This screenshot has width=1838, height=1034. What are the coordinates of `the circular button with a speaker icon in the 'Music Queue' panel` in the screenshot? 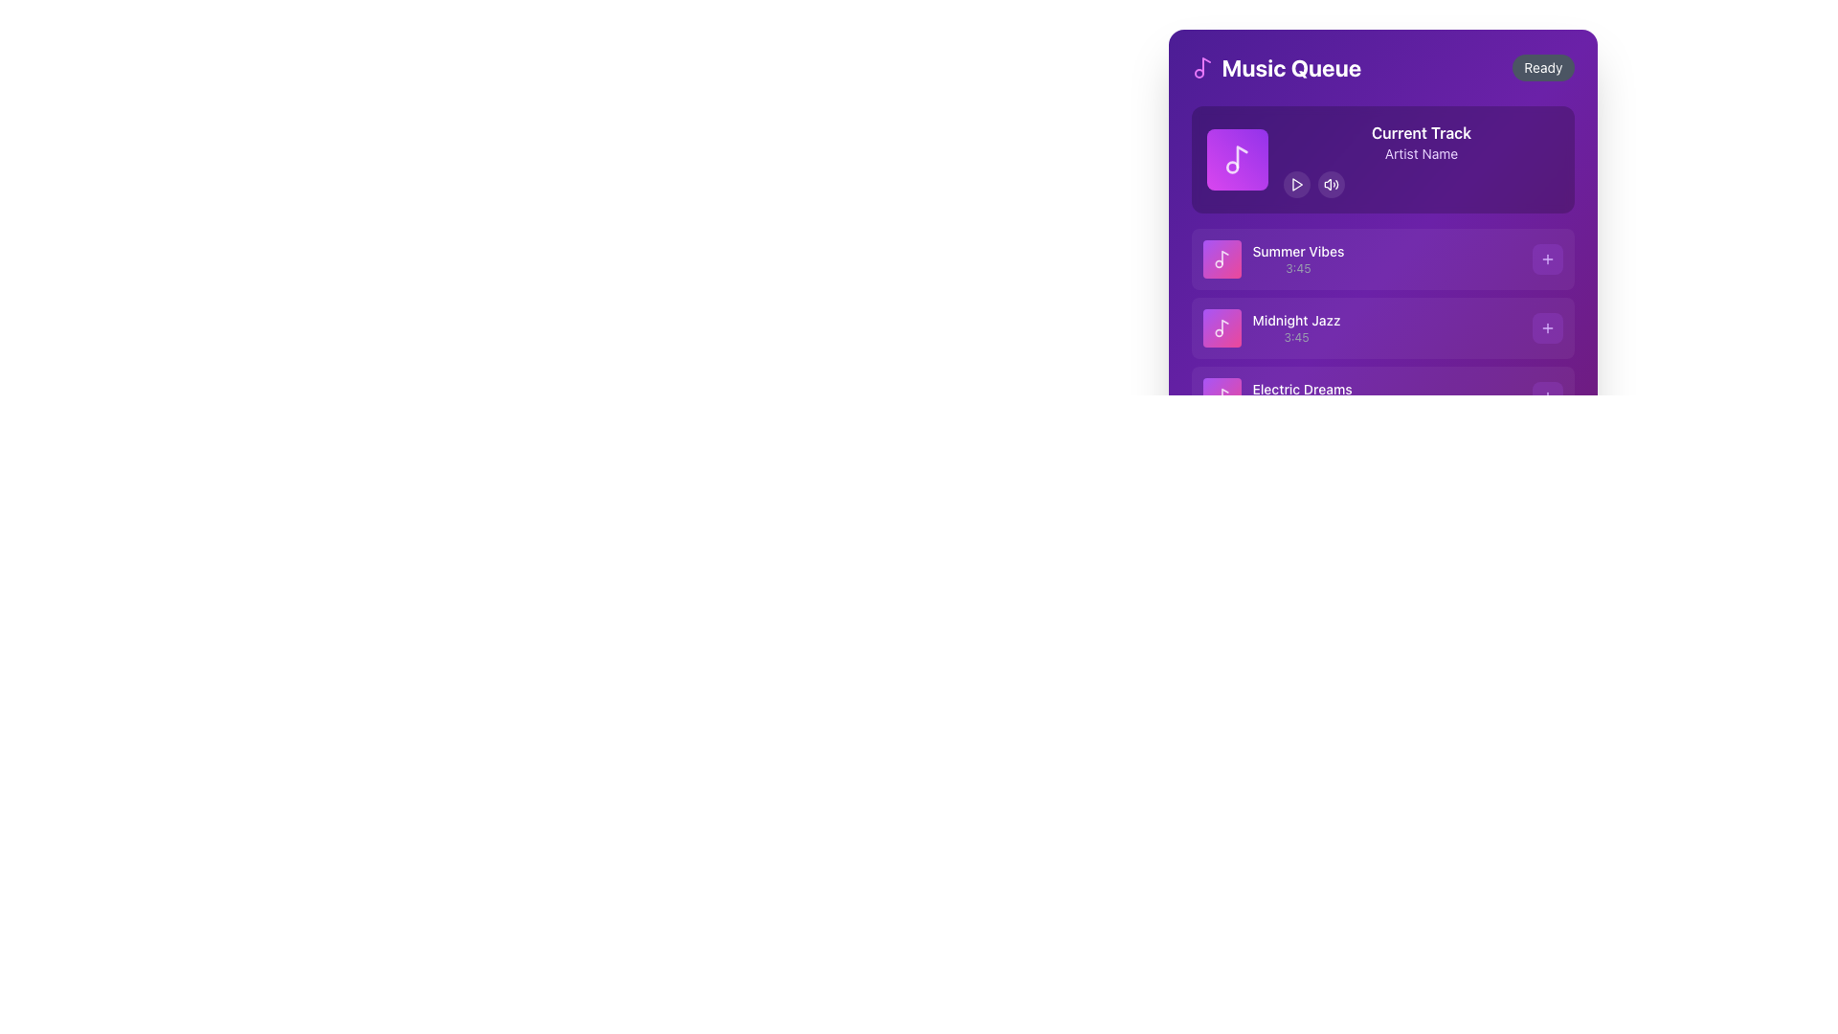 It's located at (1330, 184).